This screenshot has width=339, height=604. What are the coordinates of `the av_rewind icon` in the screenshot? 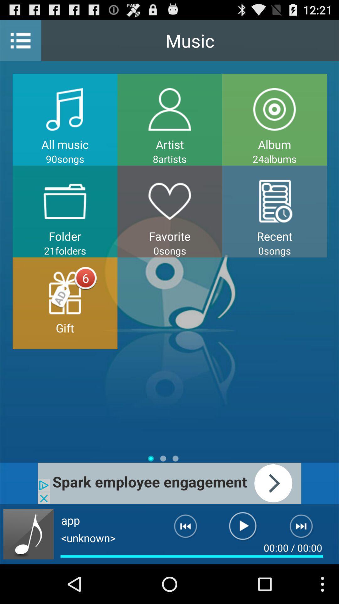 It's located at (180, 566).